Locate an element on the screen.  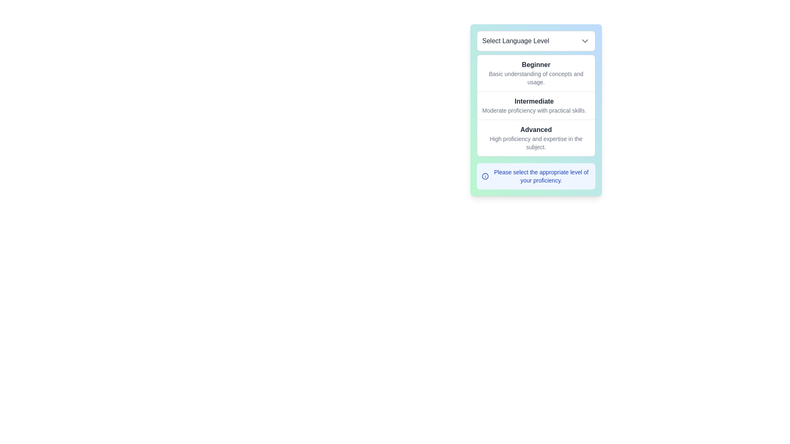
the Dropdown-trigger component at the top of the card-like structure is located at coordinates (536, 41).